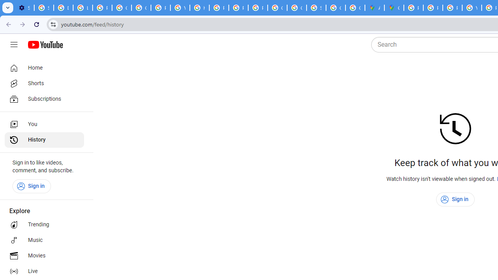  What do you see at coordinates (44, 256) in the screenshot?
I see `'Movies'` at bounding box center [44, 256].